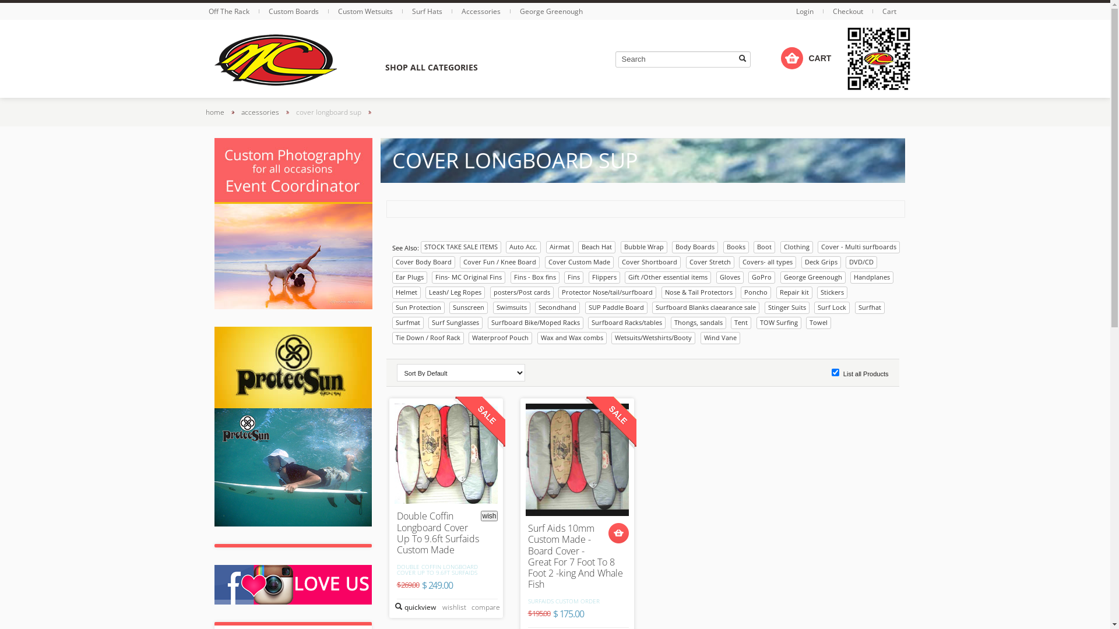 This screenshot has width=1119, height=629. What do you see at coordinates (558, 246) in the screenshot?
I see `'Airmat'` at bounding box center [558, 246].